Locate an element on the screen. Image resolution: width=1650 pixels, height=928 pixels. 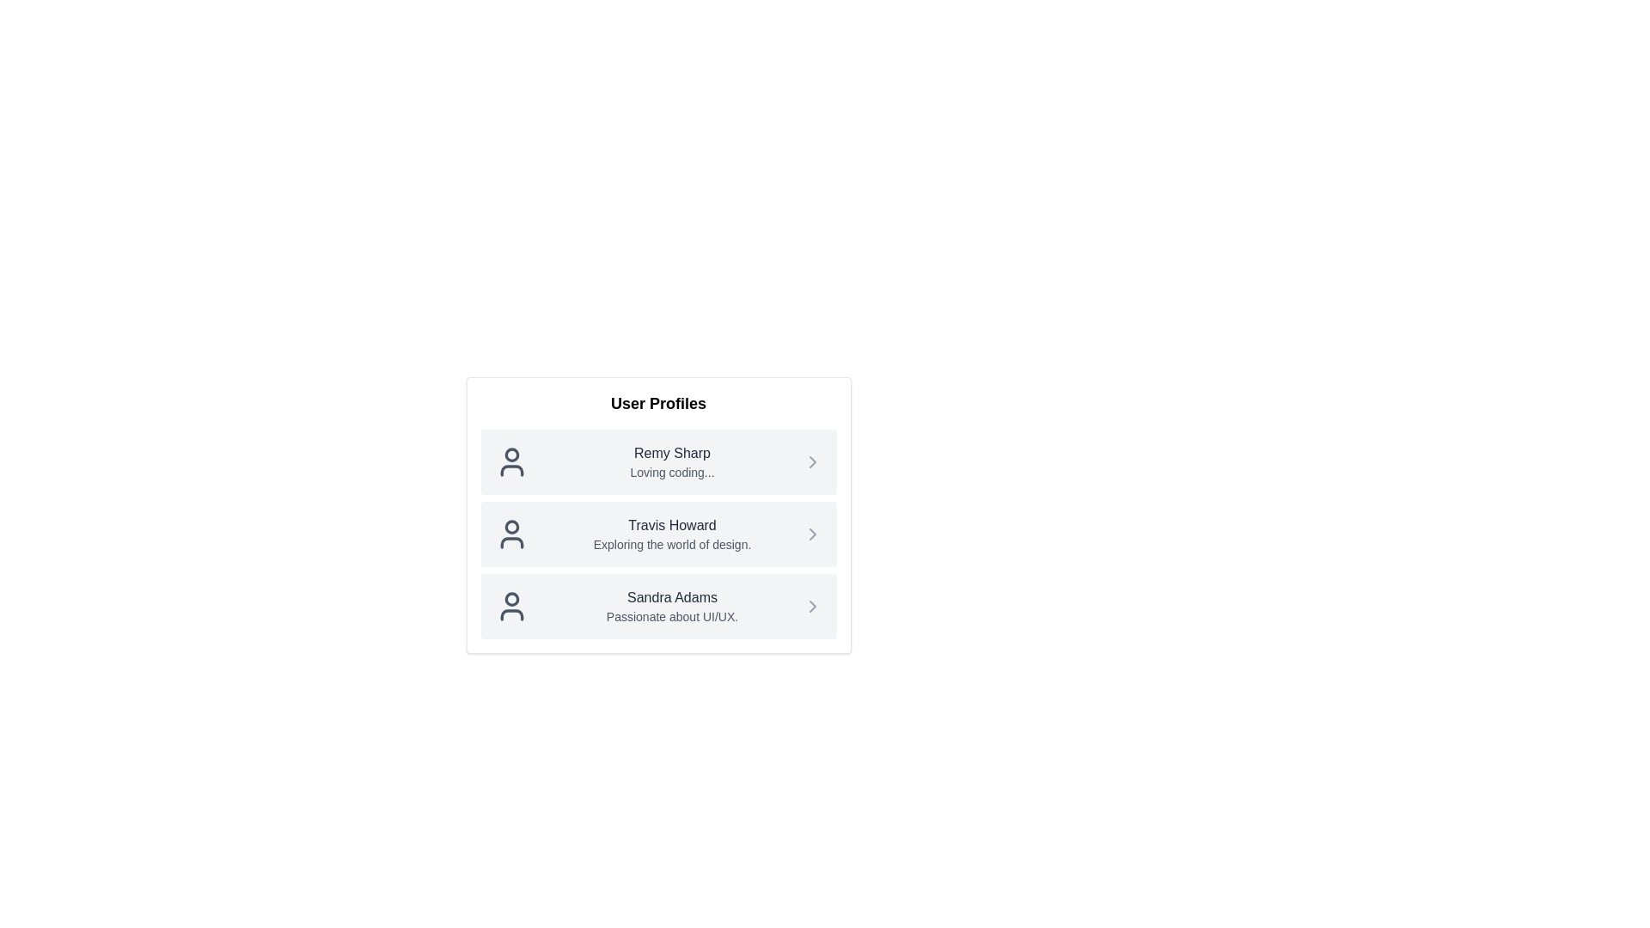
the List Entry Card featuring 'Sandra Adams' with a user avatar icon and a right-pointing chevron, positioned as the third item in a vertical list is located at coordinates (657, 605).